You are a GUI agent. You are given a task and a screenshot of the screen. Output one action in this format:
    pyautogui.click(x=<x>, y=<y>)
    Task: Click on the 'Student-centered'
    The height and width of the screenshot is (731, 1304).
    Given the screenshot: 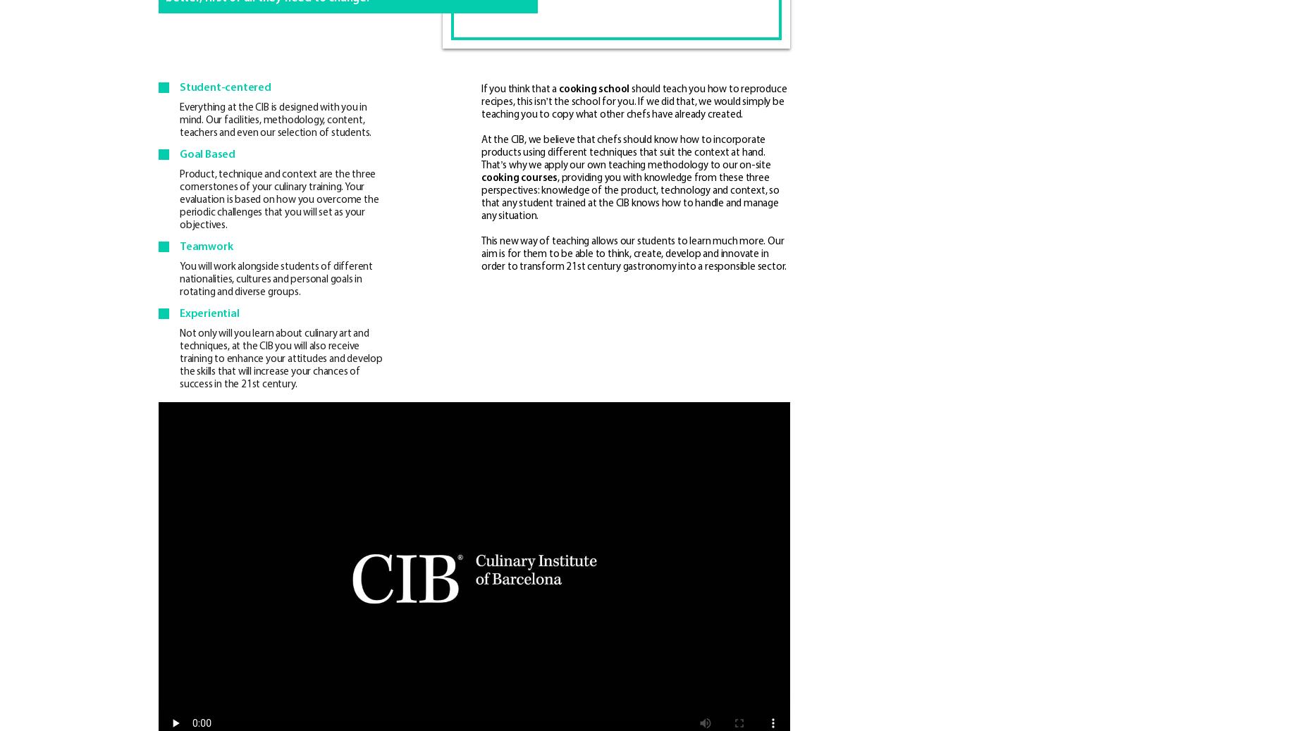 What is the action you would take?
    pyautogui.click(x=224, y=87)
    